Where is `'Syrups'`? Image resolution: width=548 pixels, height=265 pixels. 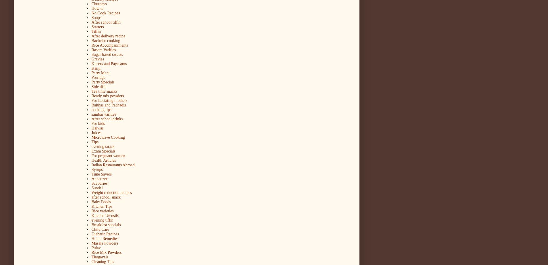
'Syrups' is located at coordinates (97, 169).